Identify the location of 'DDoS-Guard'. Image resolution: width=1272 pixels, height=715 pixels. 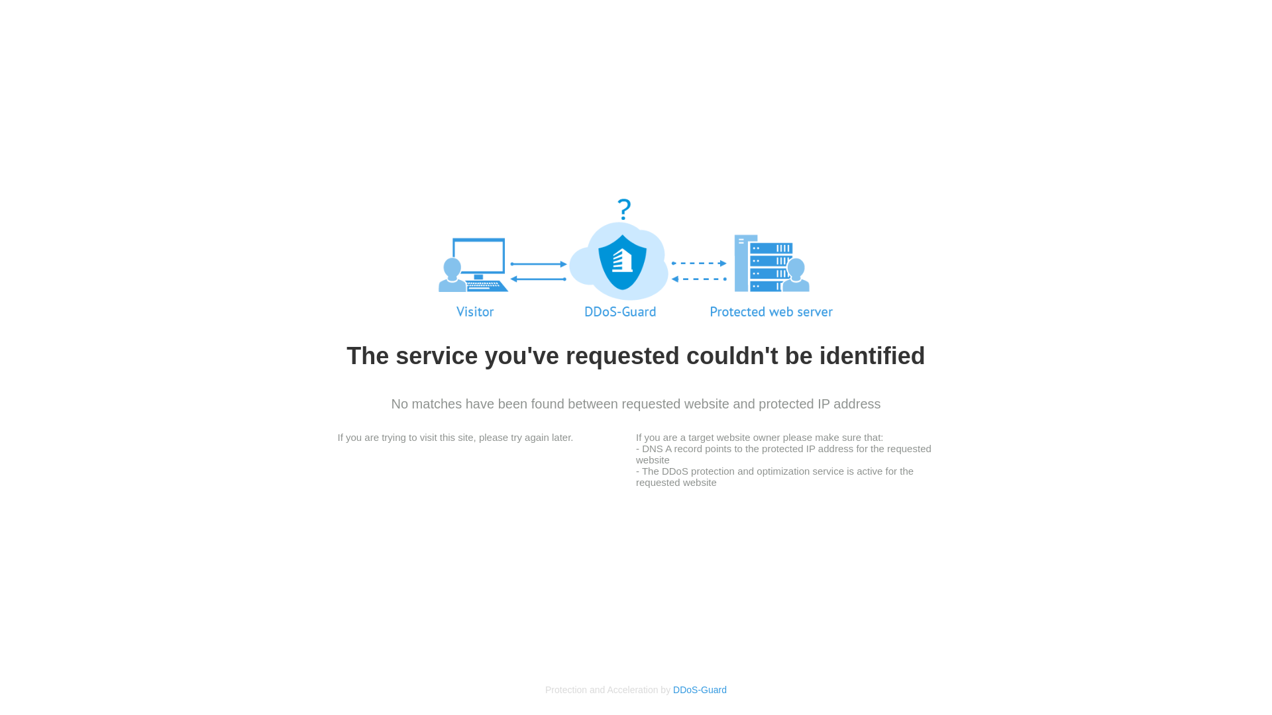
(699, 689).